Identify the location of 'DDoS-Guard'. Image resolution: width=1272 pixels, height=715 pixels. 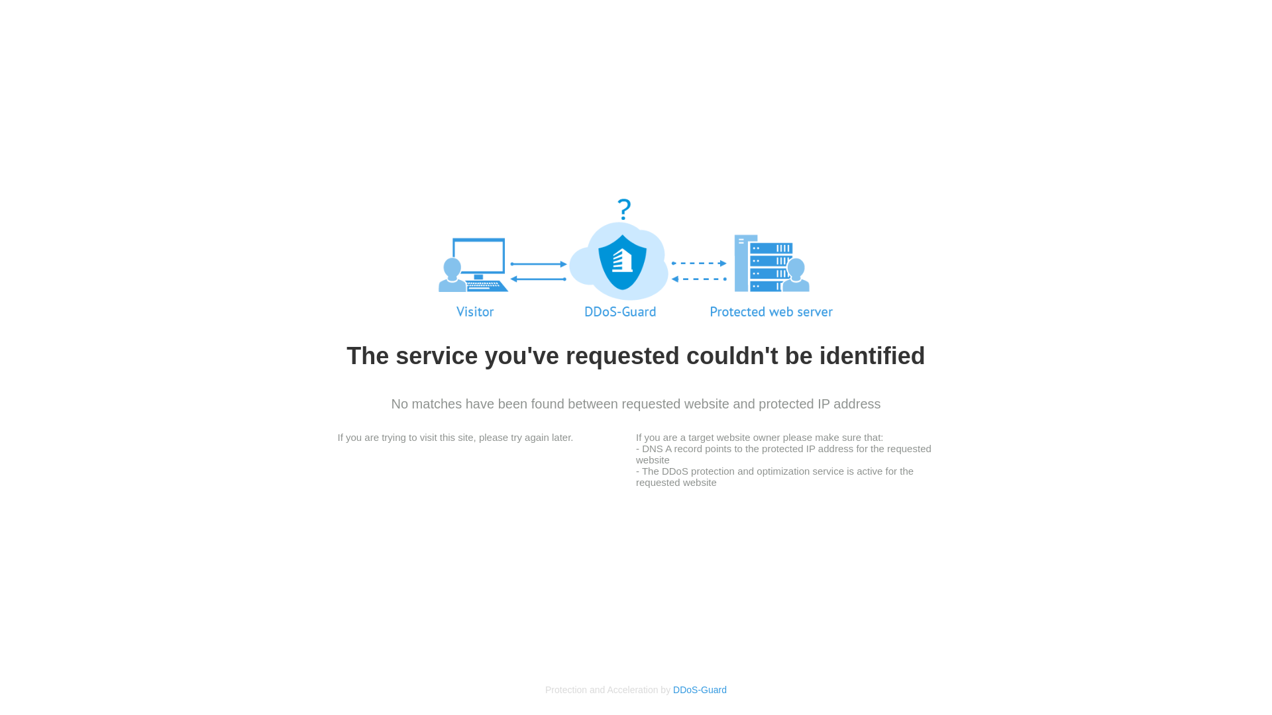
(699, 689).